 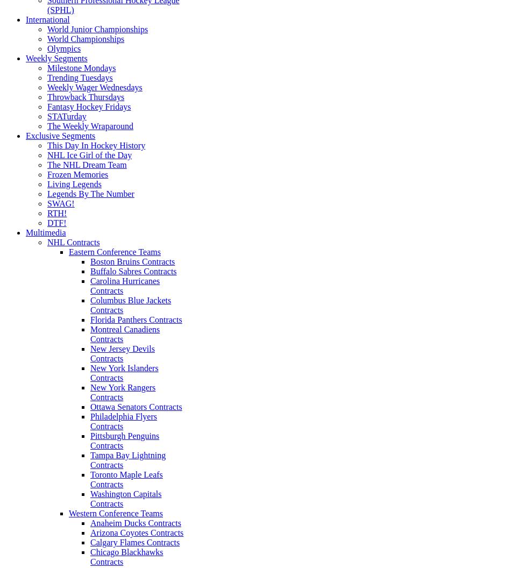 I want to click on 'Chicago Blackhawks Contracts', so click(x=90, y=556).